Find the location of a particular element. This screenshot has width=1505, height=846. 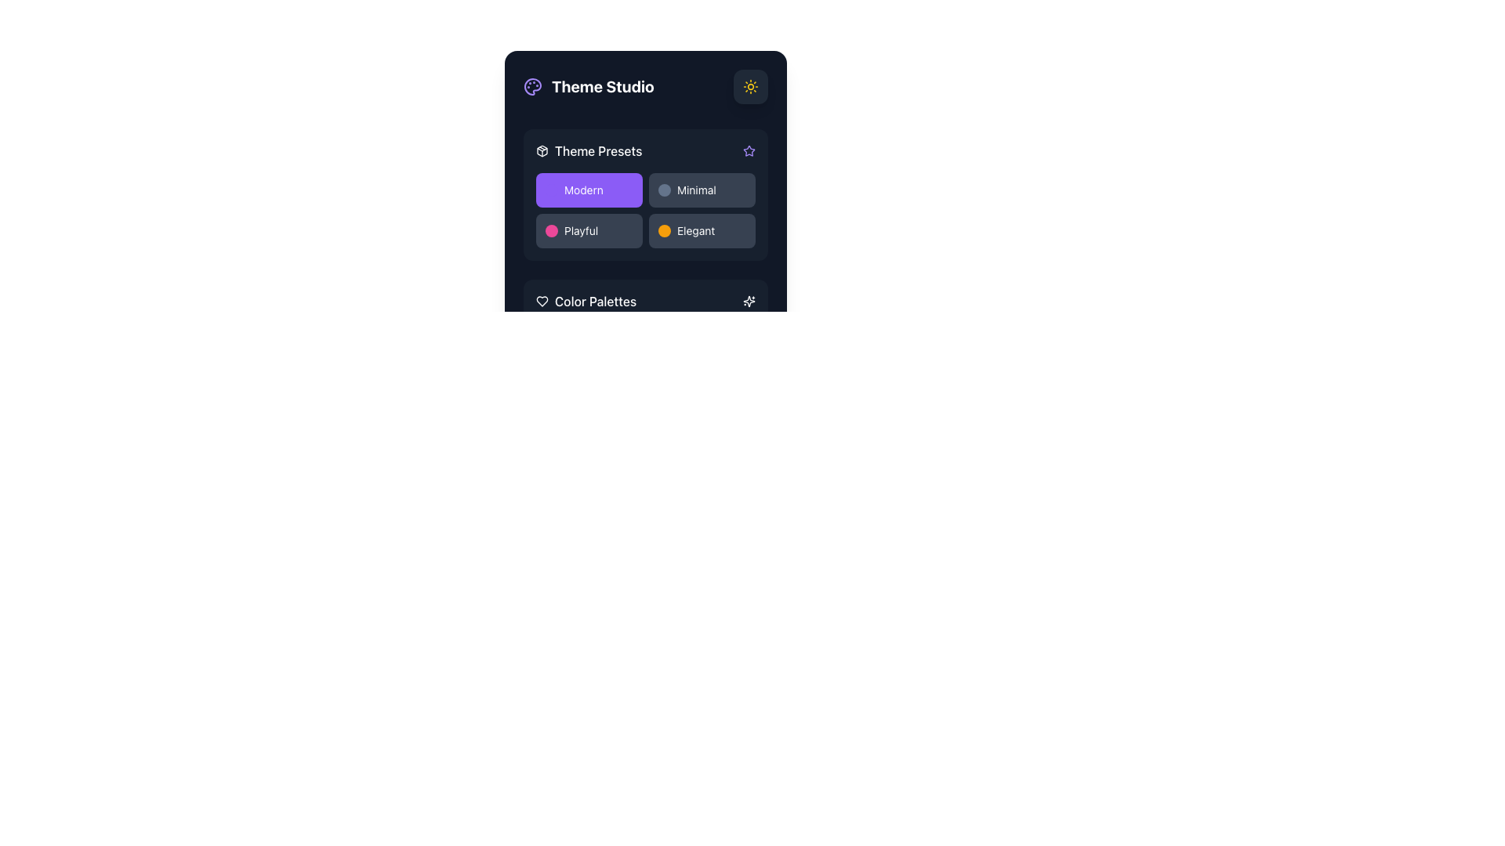

the visual indicator icon associated with the 'Playful' option, located within the 'Theme Presets' area is located at coordinates (552, 230).